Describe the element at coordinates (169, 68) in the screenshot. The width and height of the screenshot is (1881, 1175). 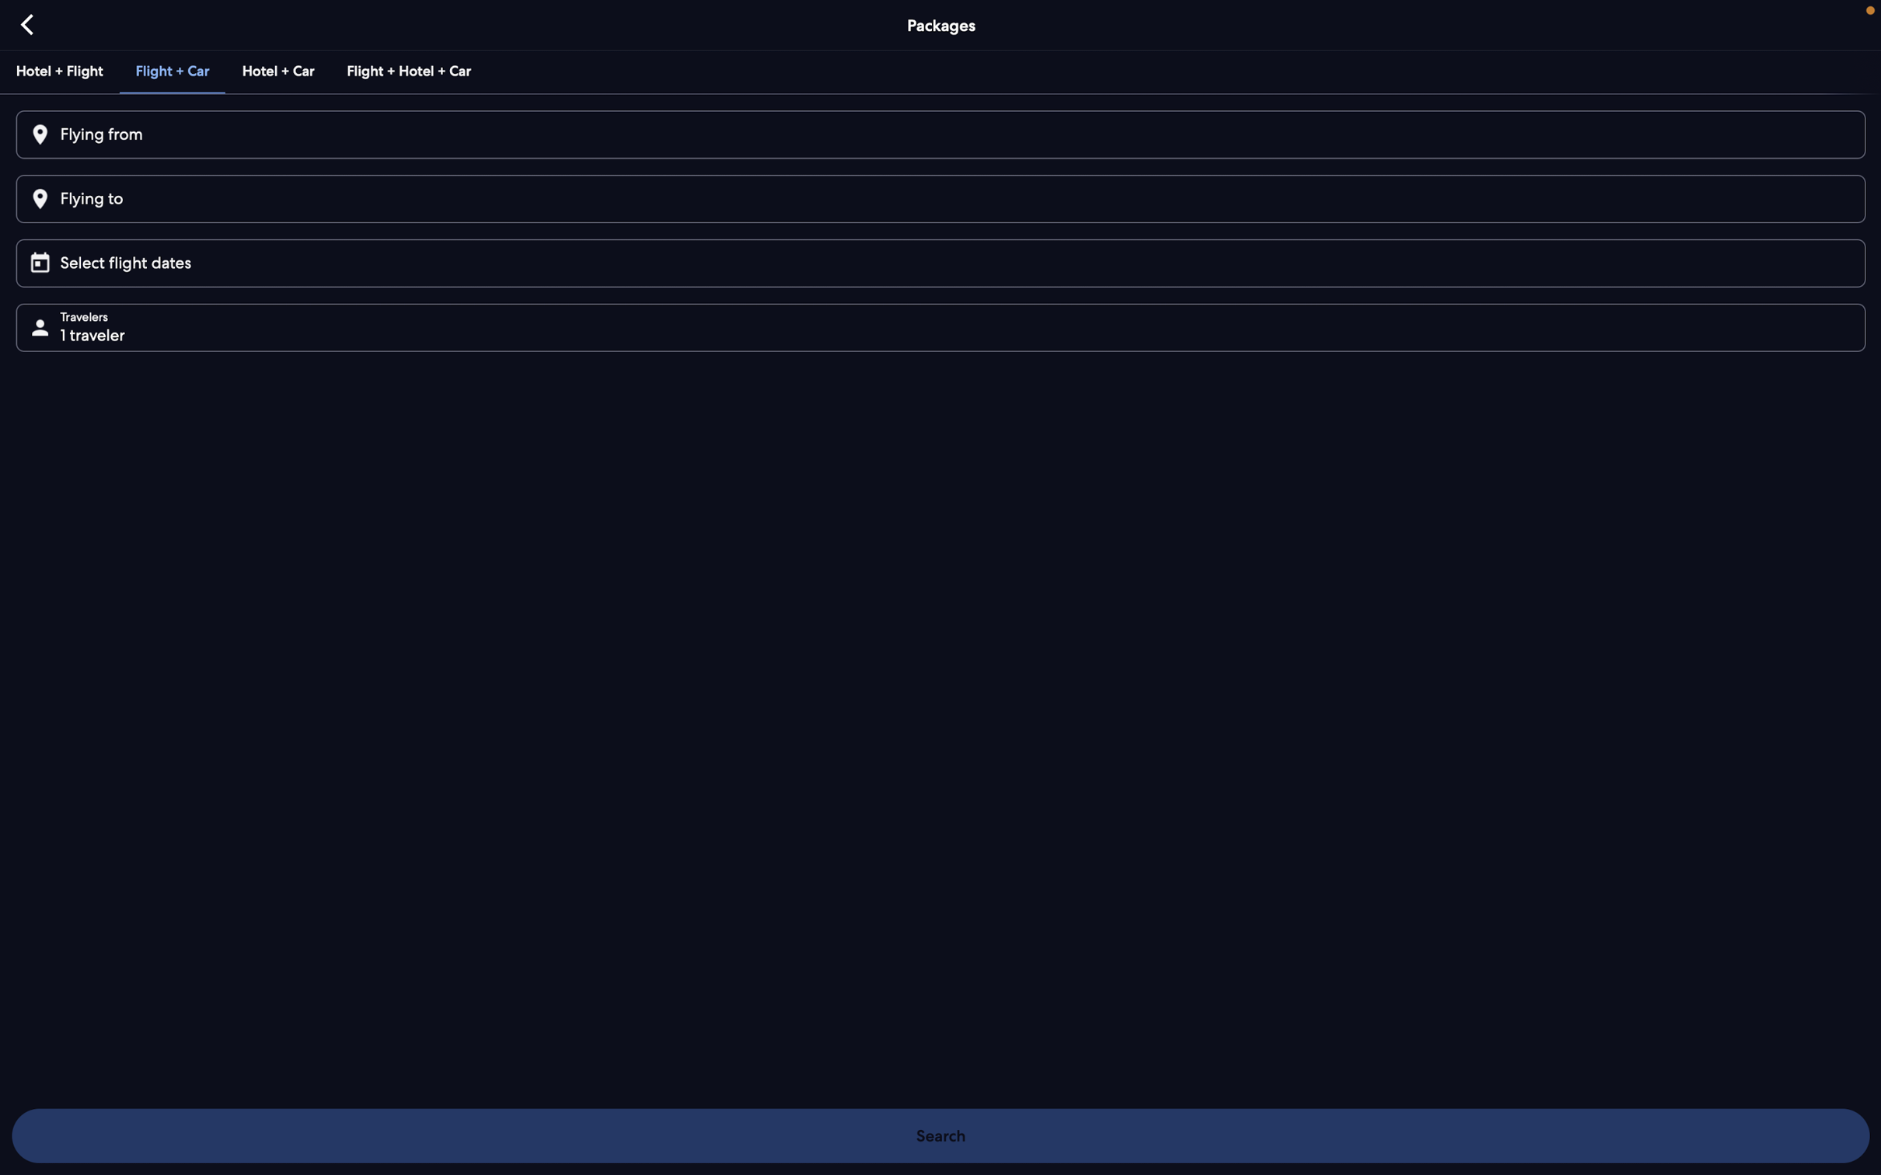
I see `the option which includes both a car and flight booking` at that location.